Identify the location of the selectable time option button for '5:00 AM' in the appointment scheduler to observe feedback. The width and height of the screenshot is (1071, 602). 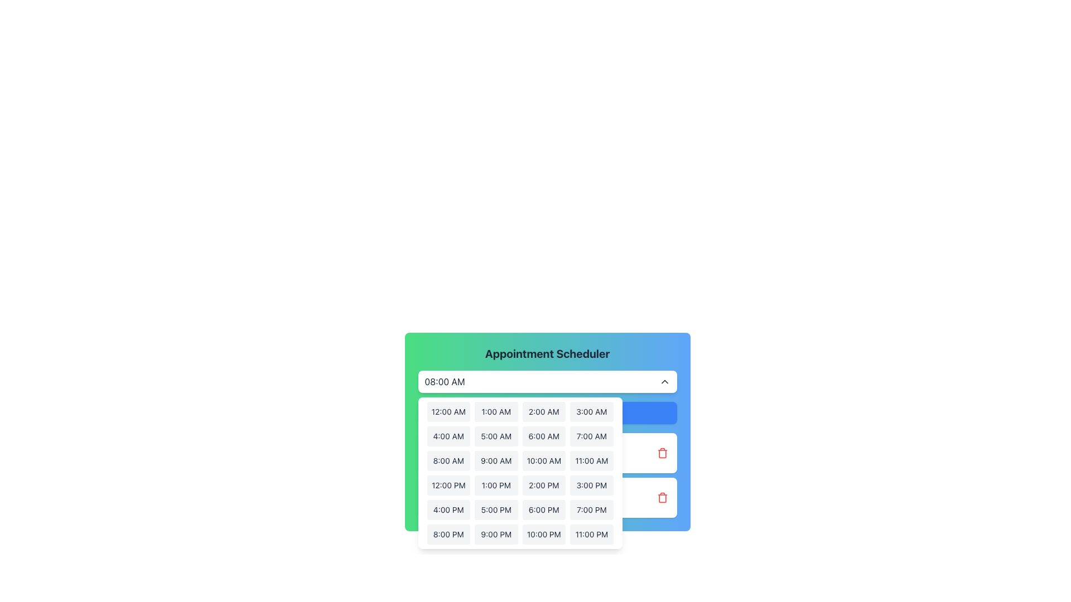
(495, 436).